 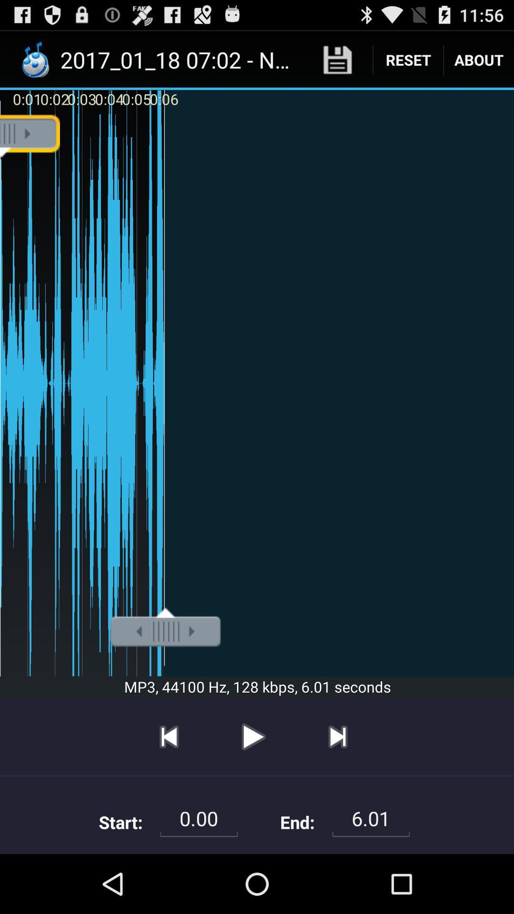 I want to click on the skip_next icon, so click(x=337, y=788).